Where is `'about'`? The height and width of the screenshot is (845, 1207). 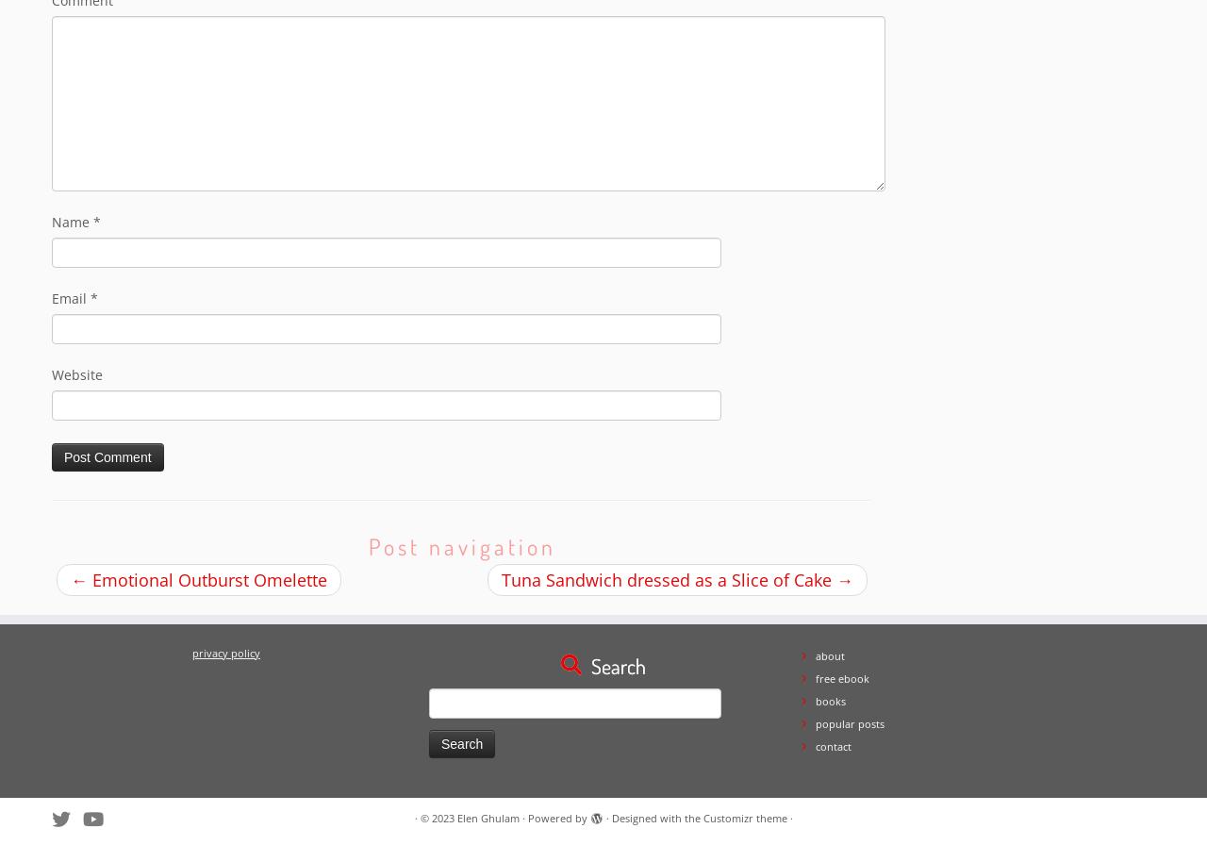
'about' is located at coordinates (816, 654).